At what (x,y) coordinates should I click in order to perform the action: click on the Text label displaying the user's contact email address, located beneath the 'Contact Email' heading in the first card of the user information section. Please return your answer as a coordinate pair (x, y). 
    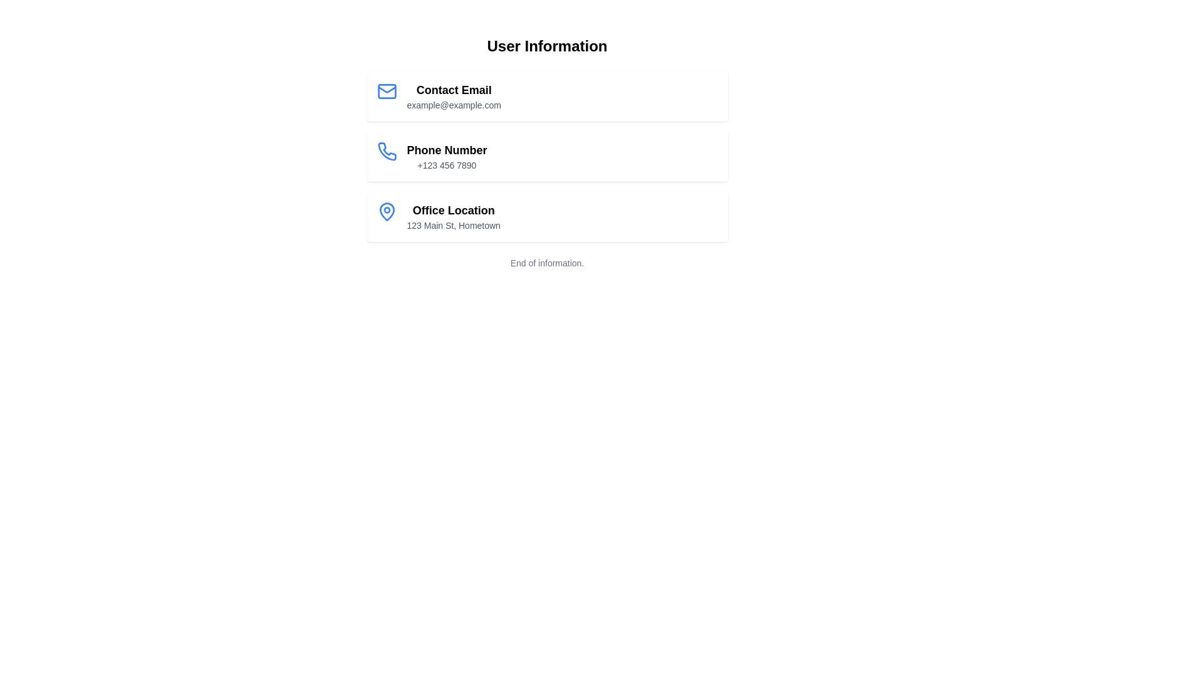
    Looking at the image, I should click on (453, 105).